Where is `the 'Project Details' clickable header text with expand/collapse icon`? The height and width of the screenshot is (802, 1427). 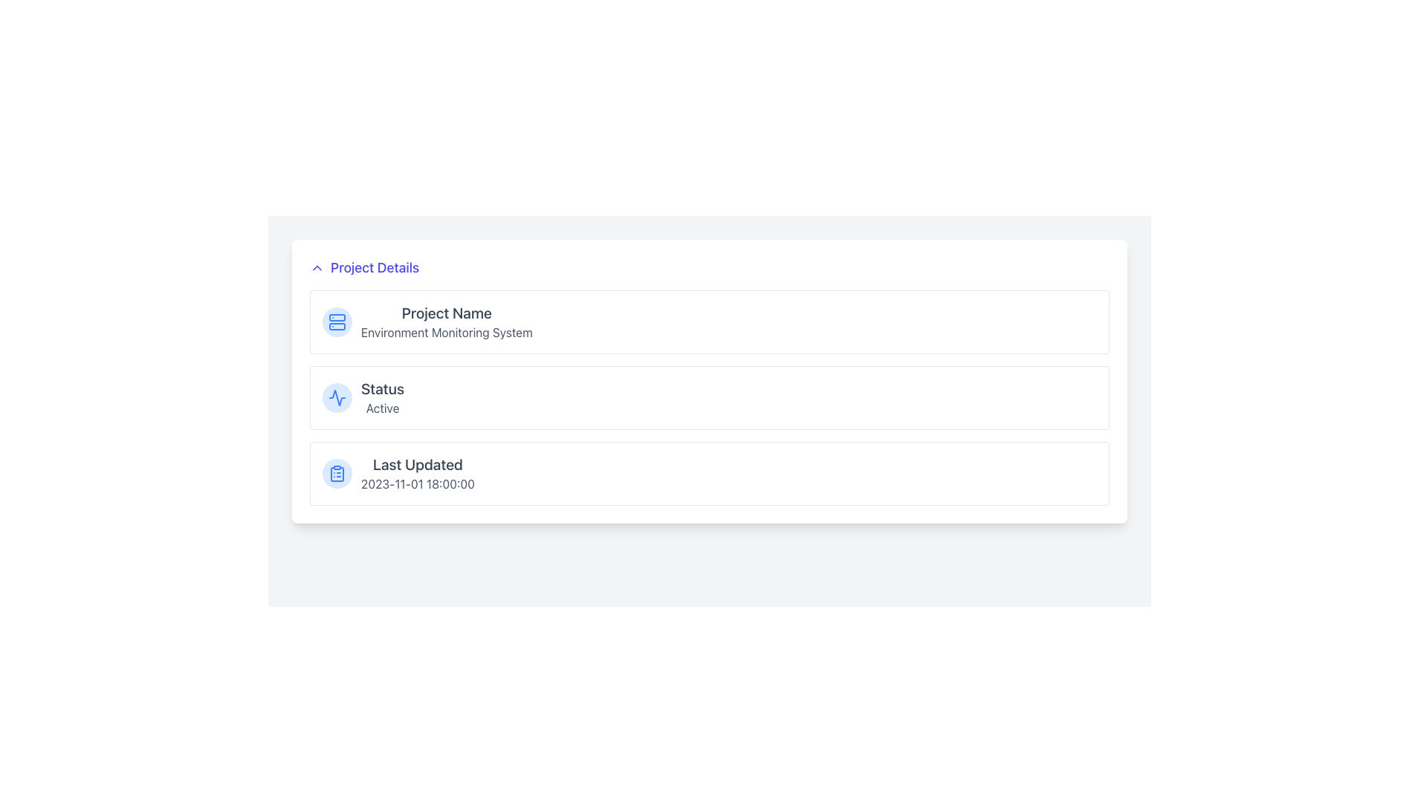 the 'Project Details' clickable header text with expand/collapse icon is located at coordinates (364, 268).